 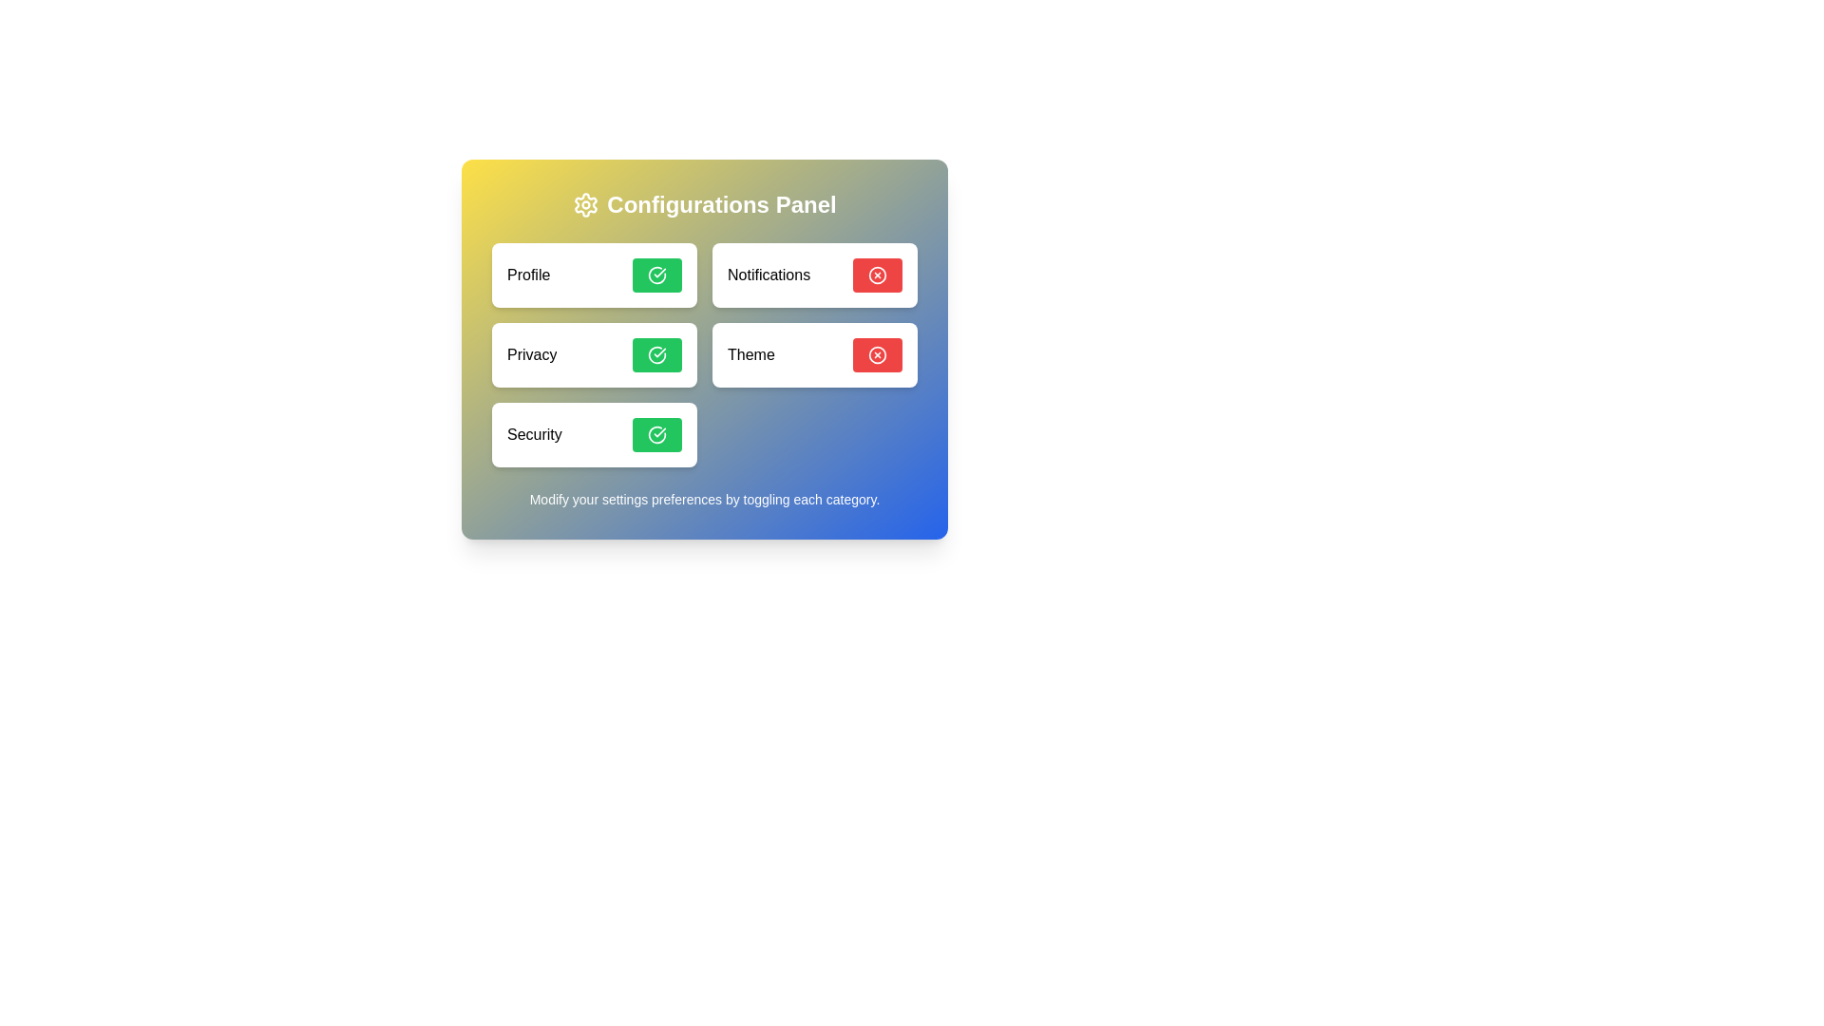 I want to click on the green circular check icon symbol located in the 'Security' section, which indicates confirmation or acceptance, so click(x=656, y=435).